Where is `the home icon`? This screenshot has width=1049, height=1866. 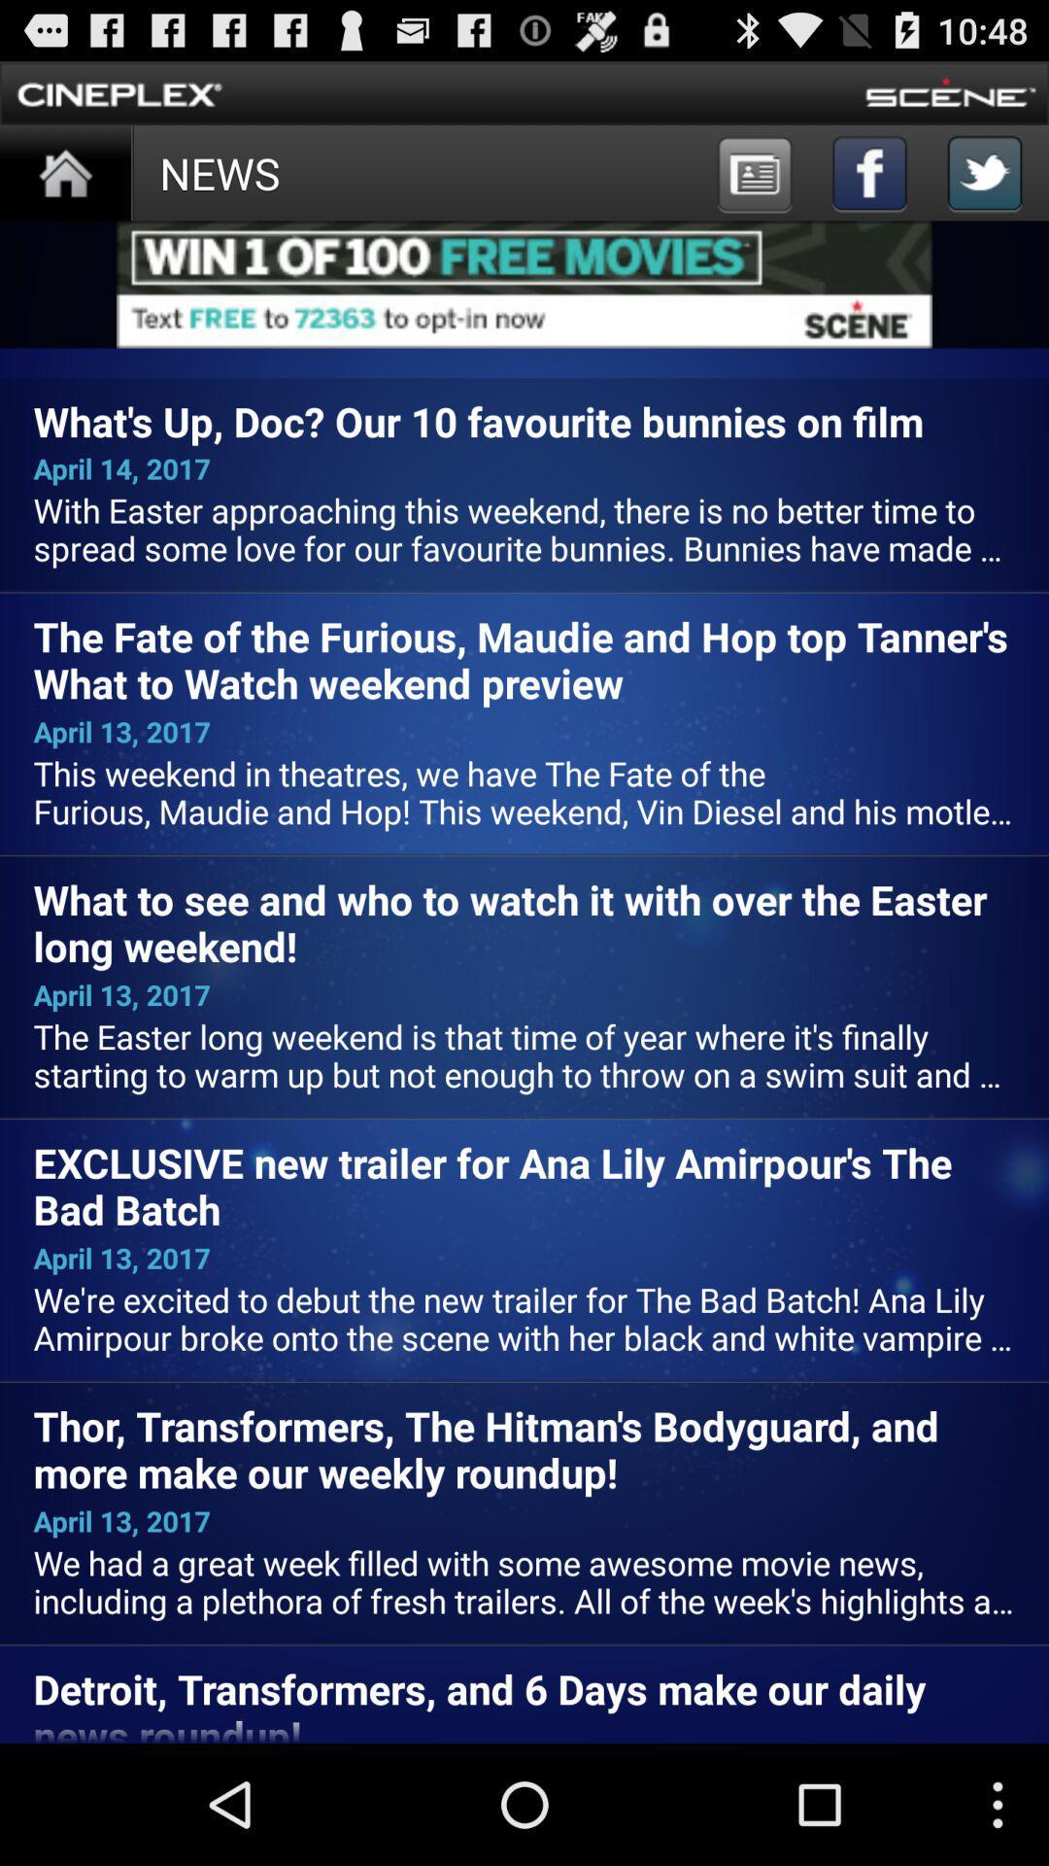
the home icon is located at coordinates (64, 185).